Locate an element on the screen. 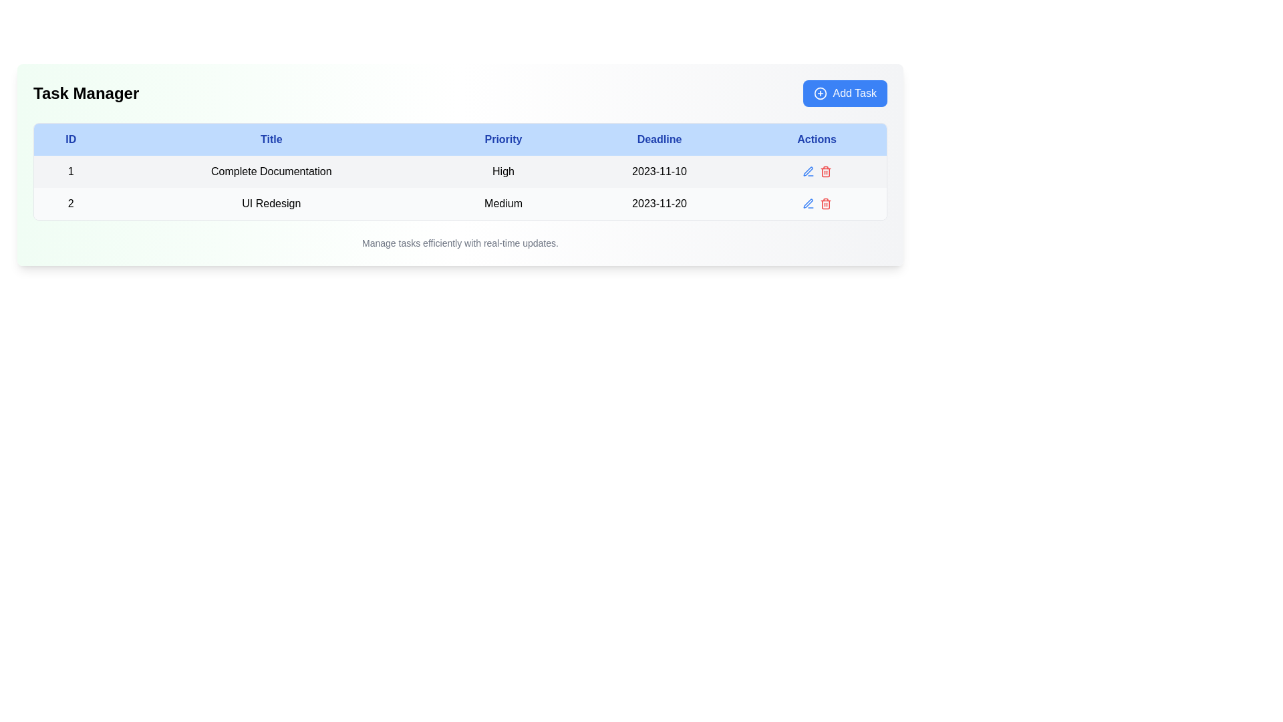 The height and width of the screenshot is (722, 1283). the fifth header item in the table, which indicates action-related controls or information, positioned to the far right of the table header is located at coordinates (816, 139).